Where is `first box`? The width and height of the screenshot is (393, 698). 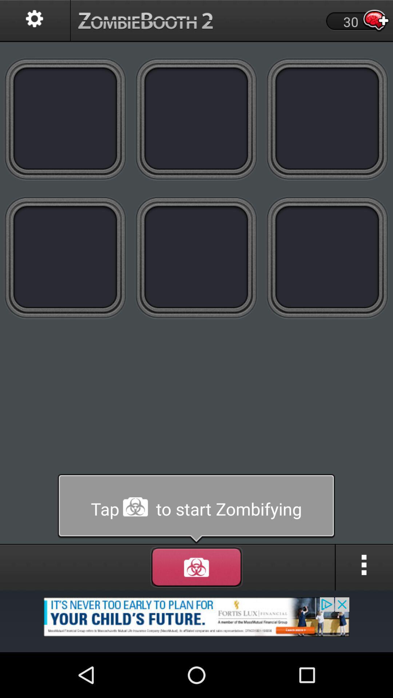 first box is located at coordinates (65, 119).